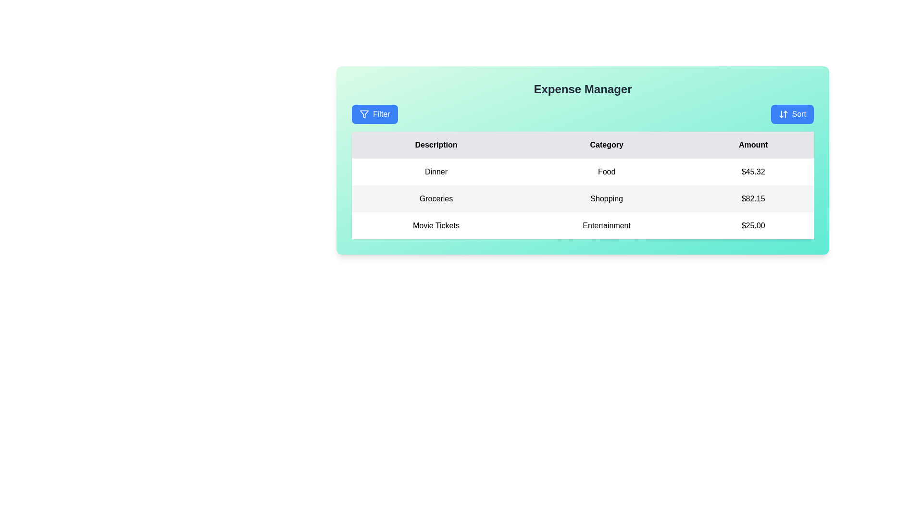  Describe the element at coordinates (753, 198) in the screenshot. I see `the static text field displaying the monetary value '$82.15' associated with 'Groceries' and 'Shopping' entries in the table` at that location.